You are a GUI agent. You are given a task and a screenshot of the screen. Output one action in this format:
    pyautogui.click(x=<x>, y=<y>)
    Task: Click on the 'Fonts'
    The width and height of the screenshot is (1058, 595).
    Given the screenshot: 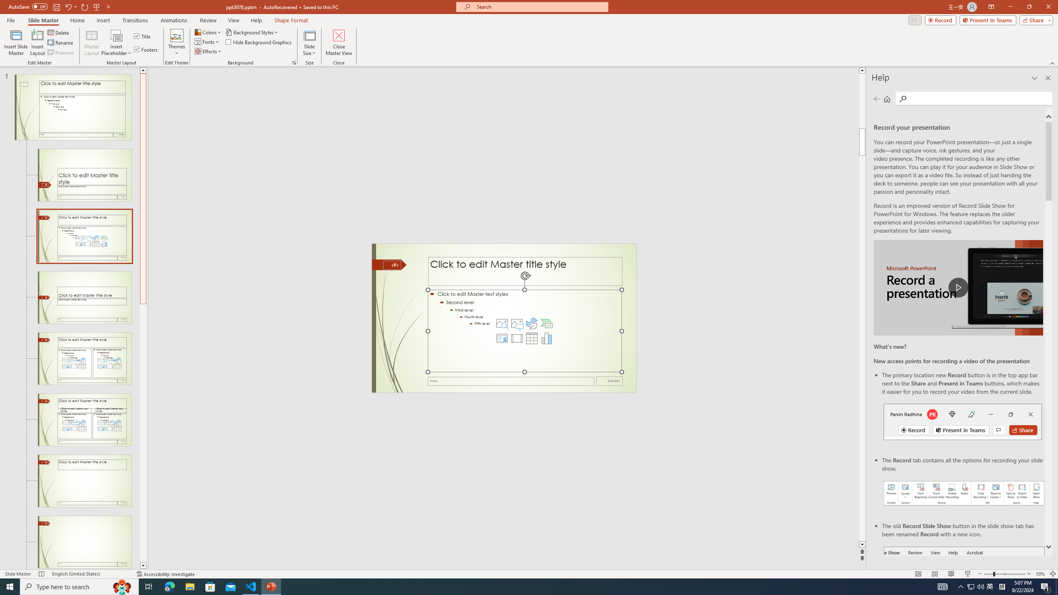 What is the action you would take?
    pyautogui.click(x=207, y=41)
    